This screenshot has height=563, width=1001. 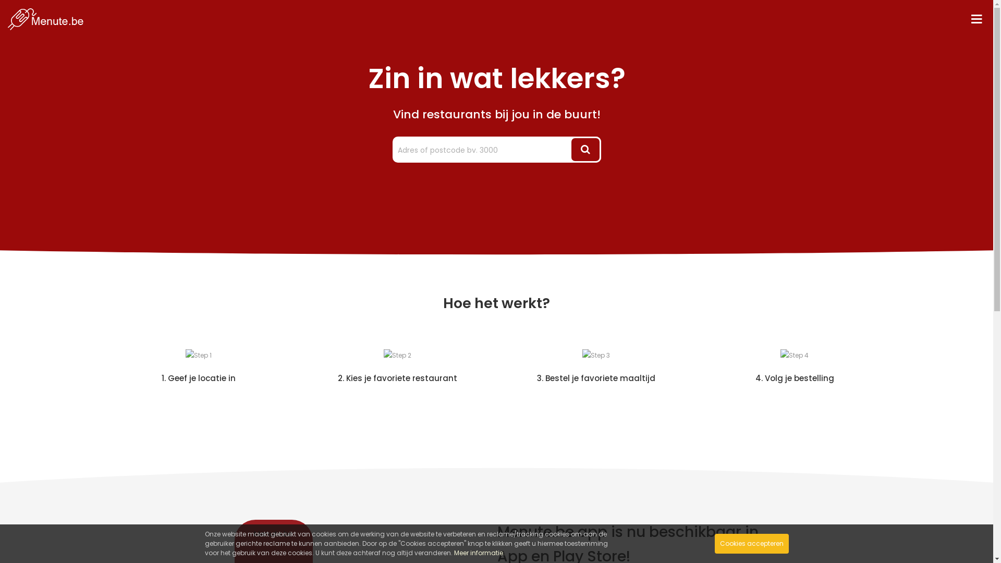 I want to click on 'Meer informatie.', so click(x=478, y=552).